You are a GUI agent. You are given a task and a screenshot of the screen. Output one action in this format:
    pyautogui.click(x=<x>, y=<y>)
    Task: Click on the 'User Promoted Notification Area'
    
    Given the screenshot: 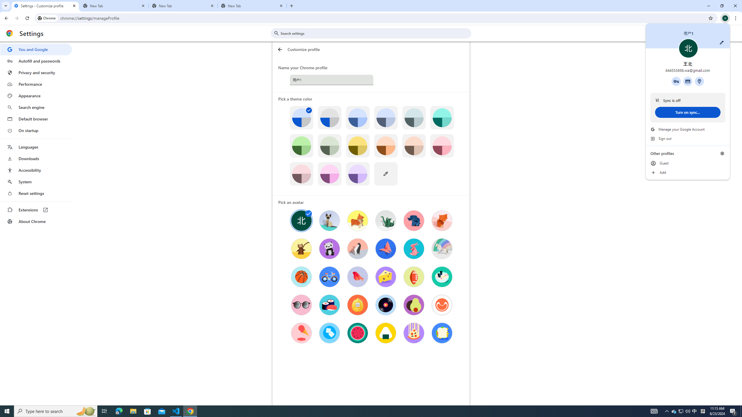 What is the action you would take?
    pyautogui.click(x=681, y=411)
    